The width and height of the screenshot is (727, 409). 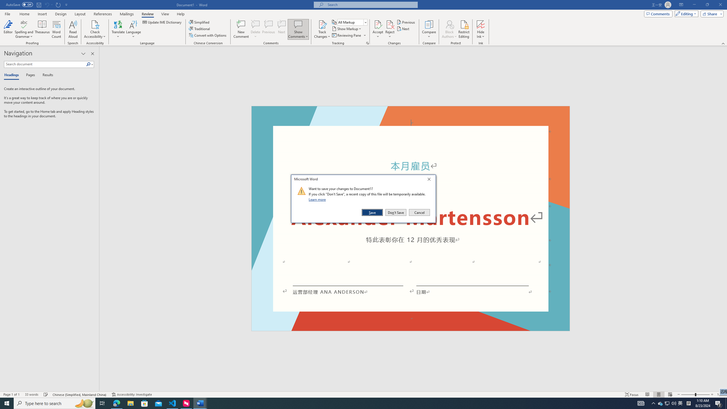 What do you see at coordinates (45, 75) in the screenshot?
I see `'Results'` at bounding box center [45, 75].